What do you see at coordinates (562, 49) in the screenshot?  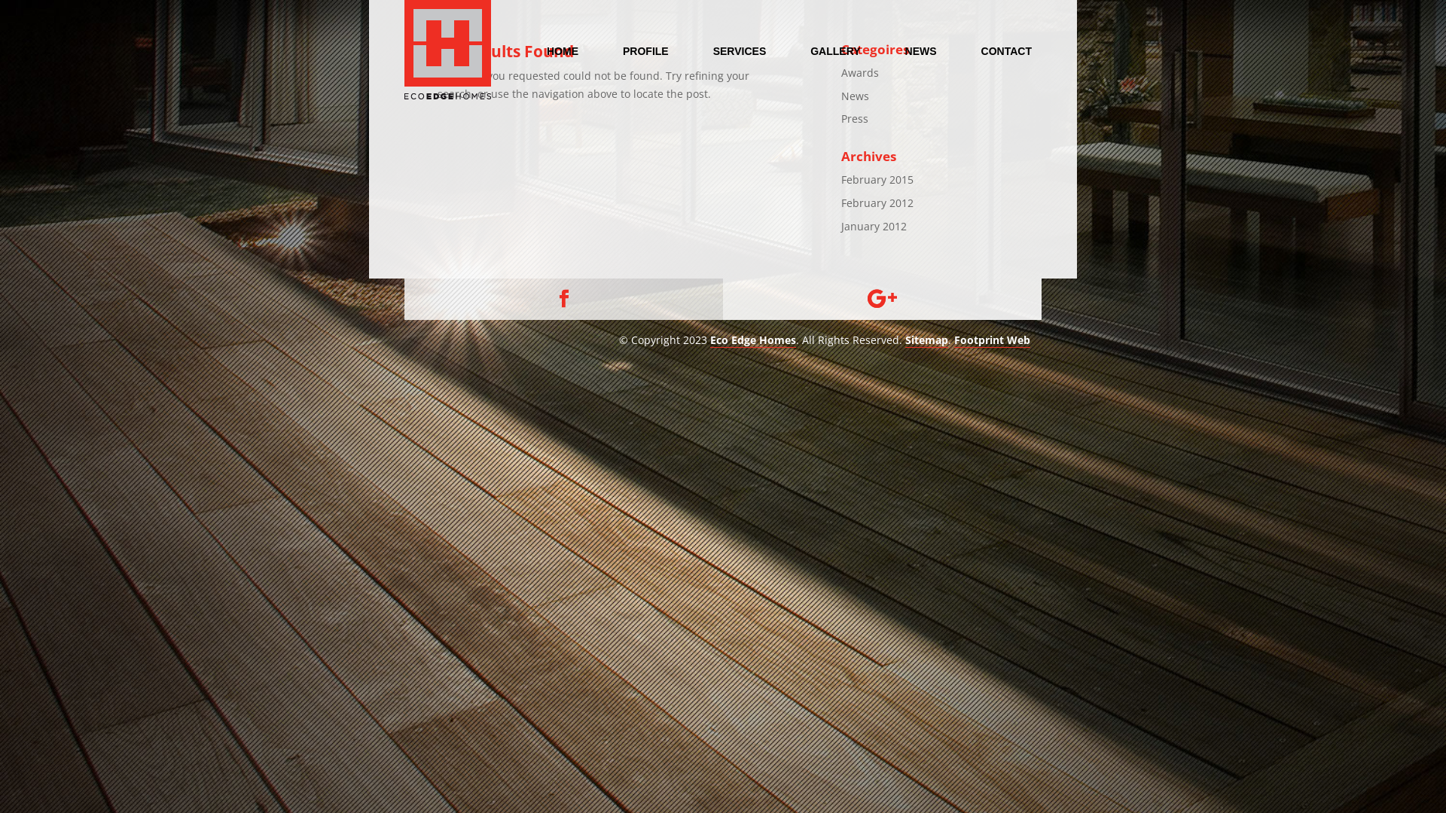 I see `'HOME'` at bounding box center [562, 49].